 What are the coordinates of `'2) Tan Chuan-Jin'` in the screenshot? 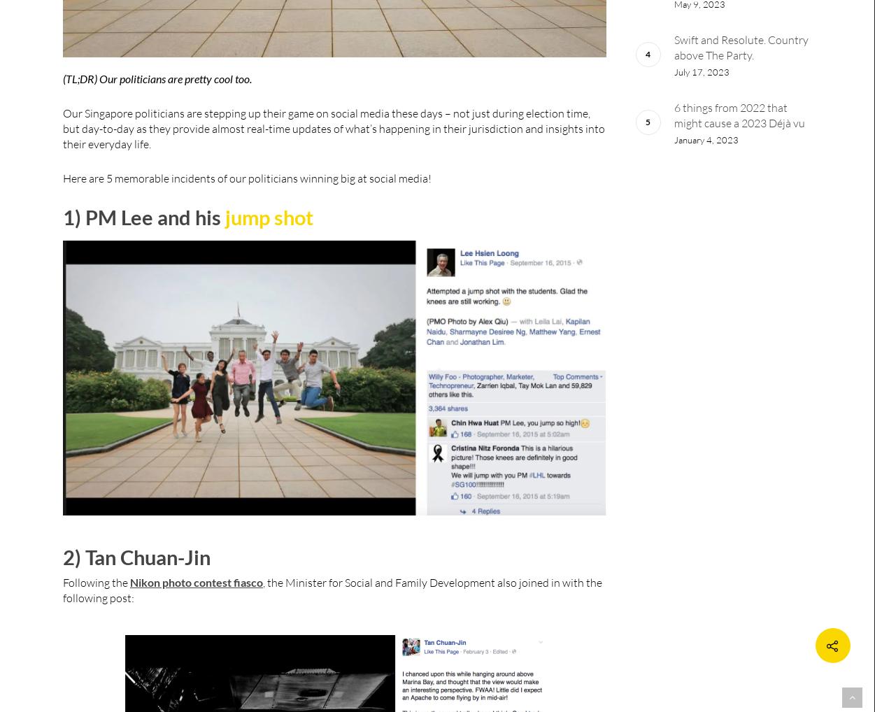 It's located at (62, 556).